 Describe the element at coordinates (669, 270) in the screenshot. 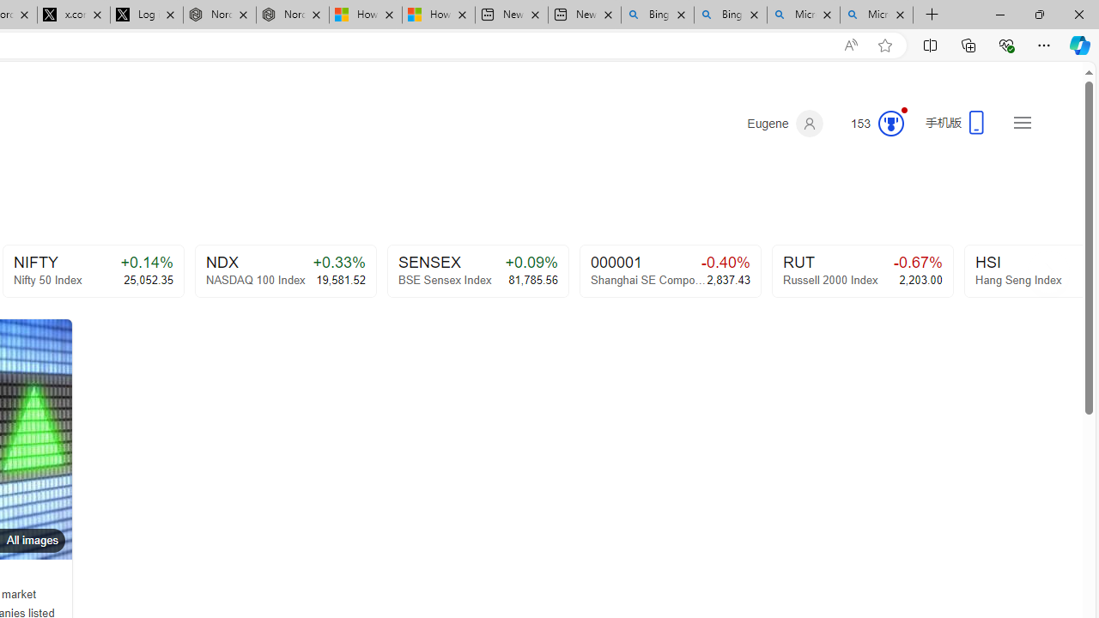

I see `'000001 -0.40% Shanghai SE Composite Index 2,837.43'` at that location.